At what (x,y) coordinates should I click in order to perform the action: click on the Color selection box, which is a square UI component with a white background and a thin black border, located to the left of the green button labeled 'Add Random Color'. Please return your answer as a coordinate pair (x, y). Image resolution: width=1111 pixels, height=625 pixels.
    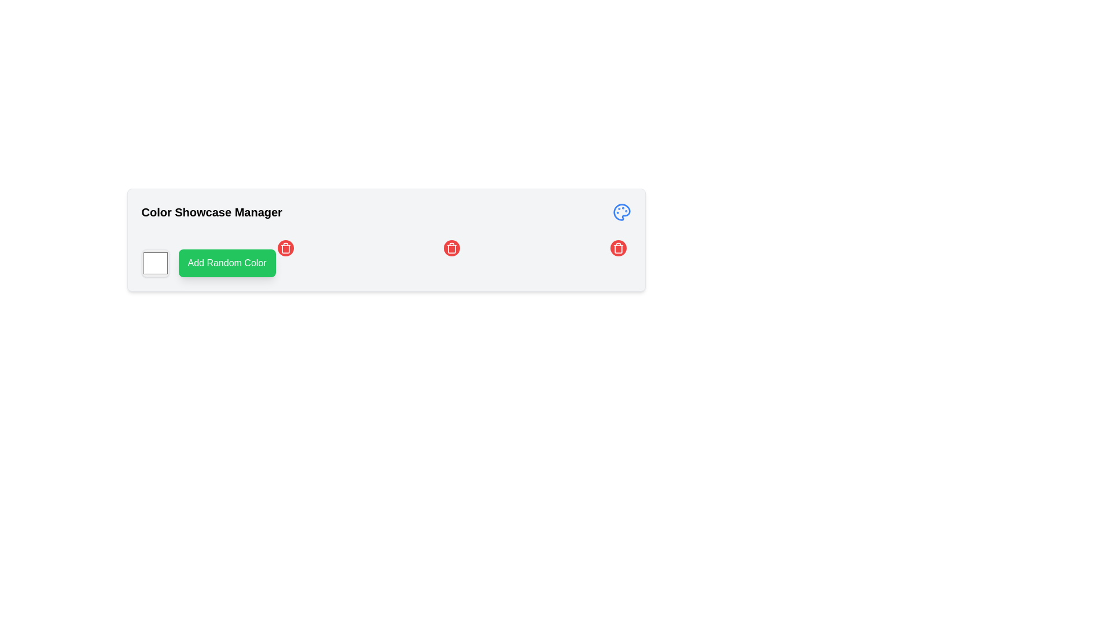
    Looking at the image, I should click on (154, 263).